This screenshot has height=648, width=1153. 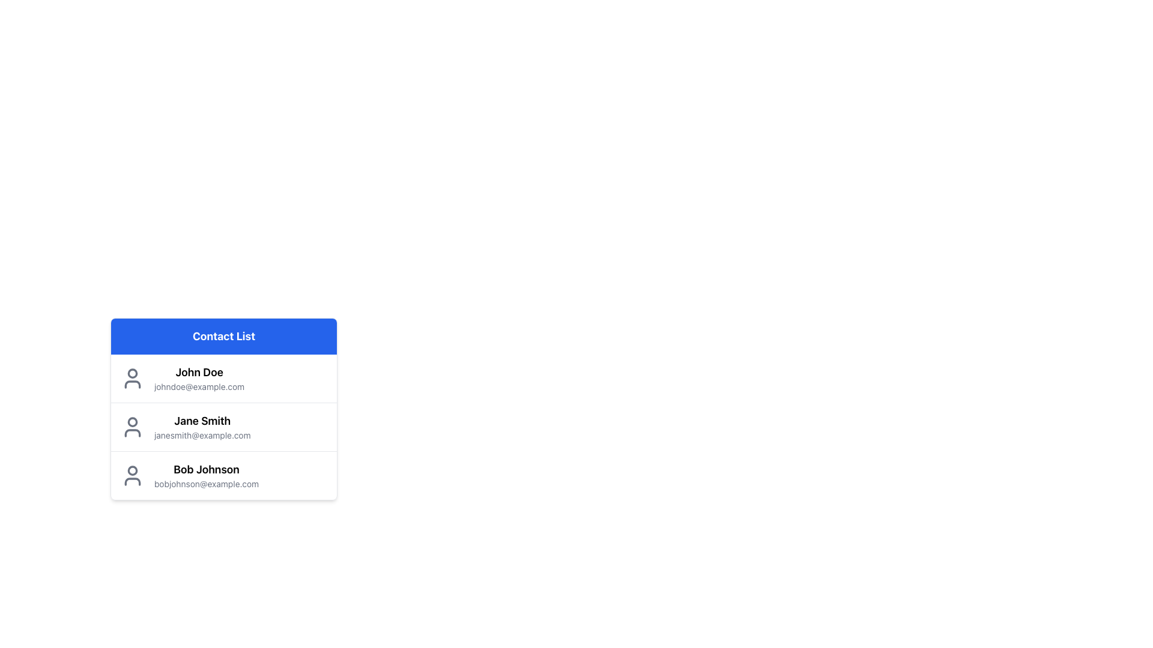 I want to click on the contact entry for 'Bob Johnson', which features a gray profile icon and includes the email 'bobjohnson@example.com', so click(x=224, y=475).